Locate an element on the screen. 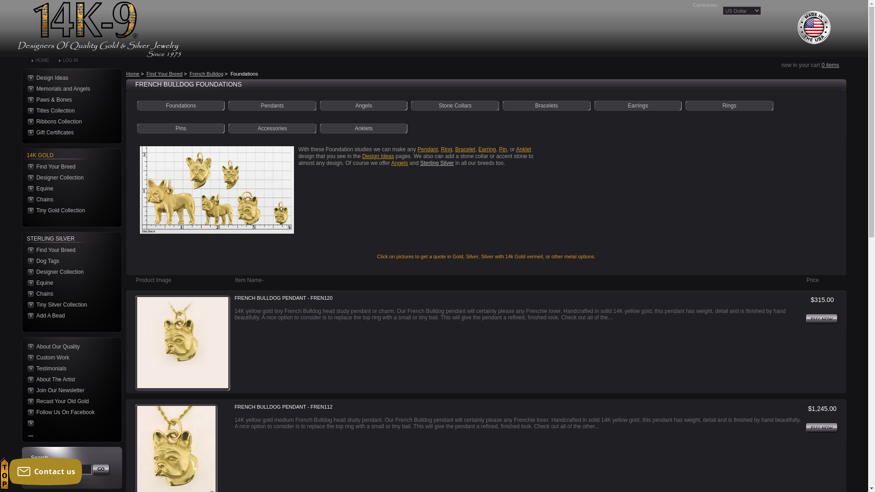 This screenshot has height=492, width=875. 'Equine' is located at coordinates (26, 188).